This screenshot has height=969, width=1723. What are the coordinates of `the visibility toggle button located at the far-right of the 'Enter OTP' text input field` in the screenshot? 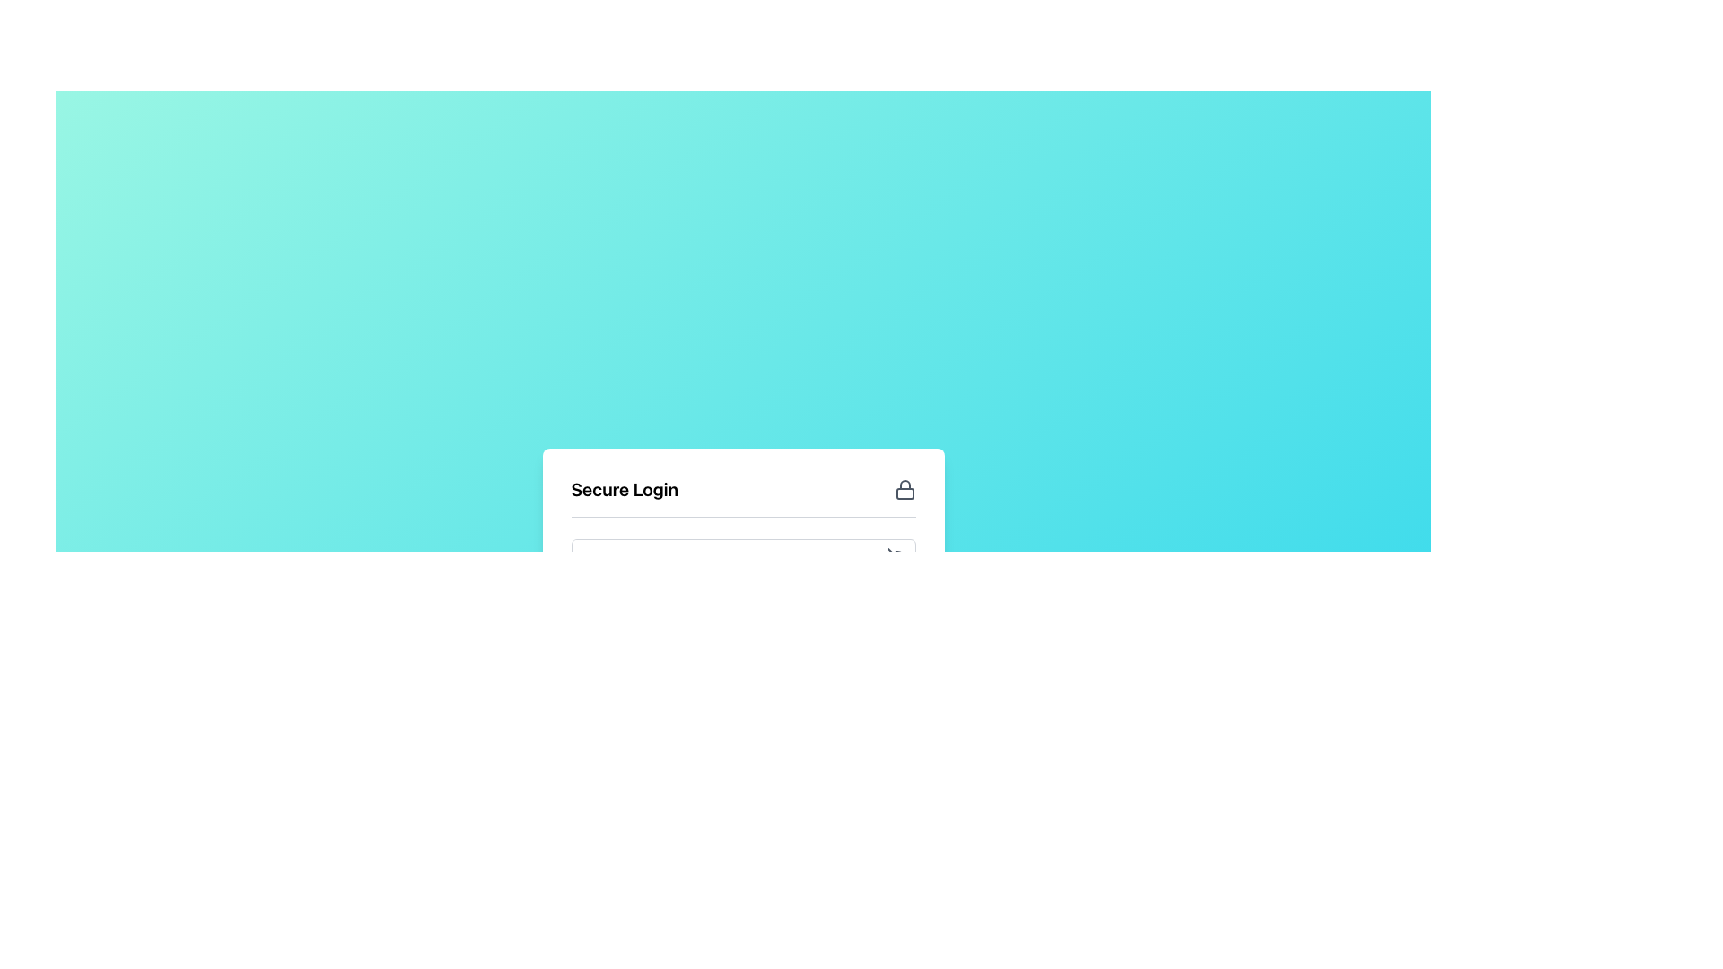 It's located at (896, 556).